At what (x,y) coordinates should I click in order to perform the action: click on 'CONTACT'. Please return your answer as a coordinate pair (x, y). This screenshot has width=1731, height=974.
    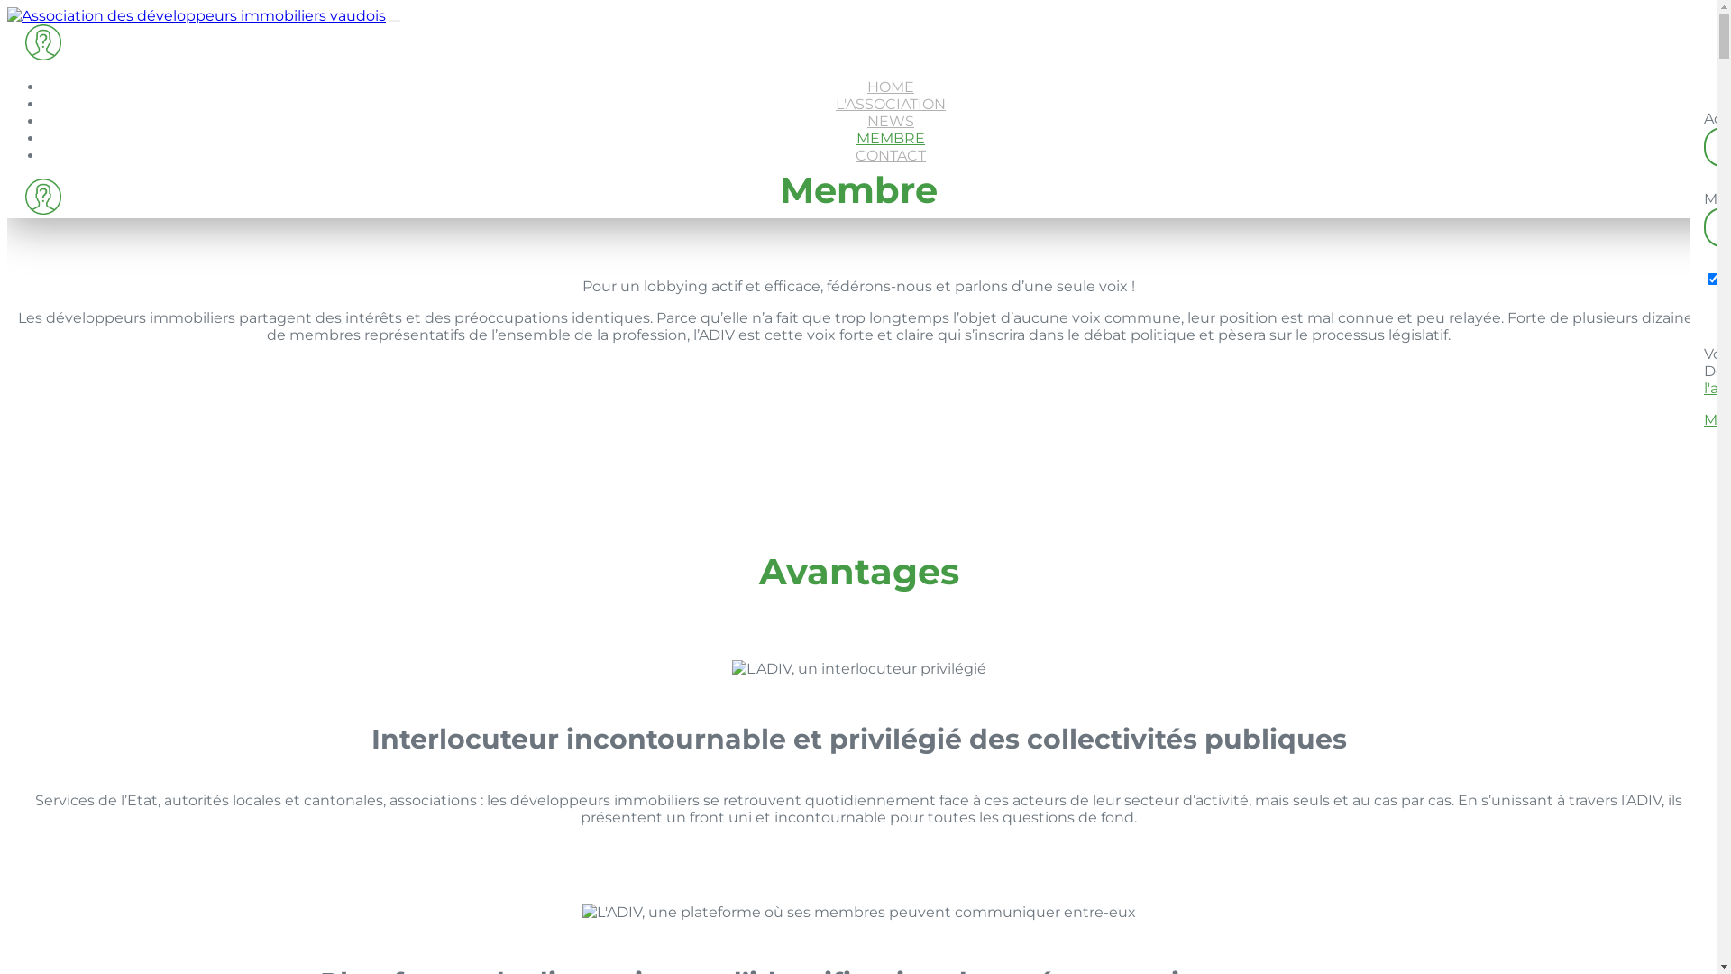
    Looking at the image, I should click on (891, 154).